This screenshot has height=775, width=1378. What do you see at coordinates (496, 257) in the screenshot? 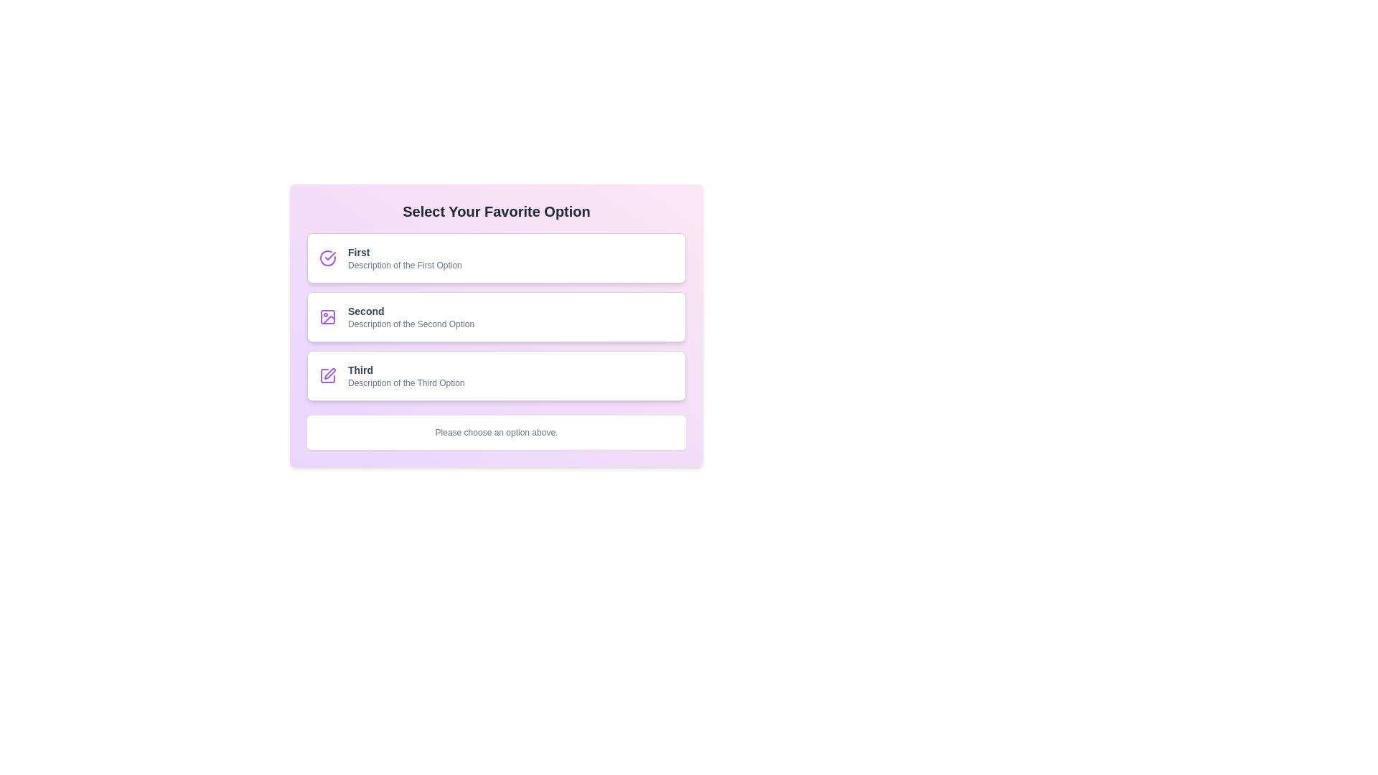
I see `the first selectable list item, which has a white background, a bold title 'First', and a description 'Description of the First Option'` at bounding box center [496, 257].